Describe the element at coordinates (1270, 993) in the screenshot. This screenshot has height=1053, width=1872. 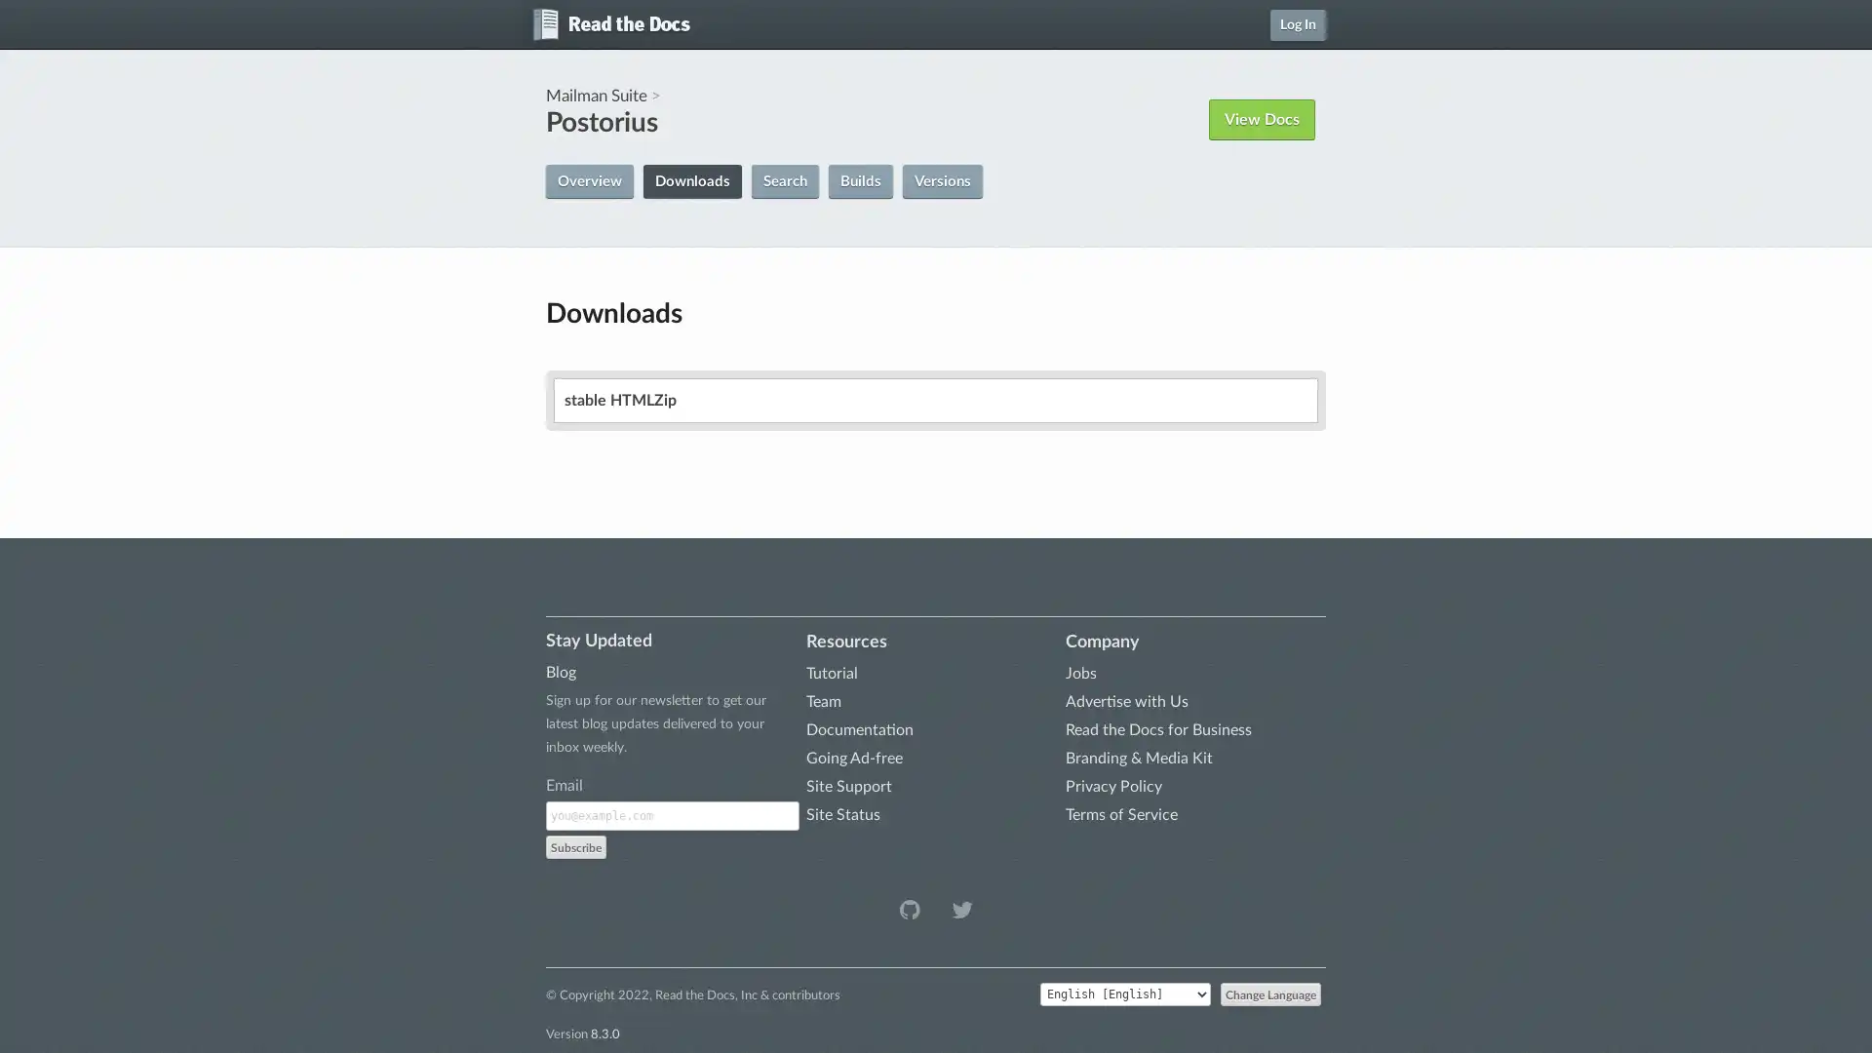
I see `Change Language` at that location.